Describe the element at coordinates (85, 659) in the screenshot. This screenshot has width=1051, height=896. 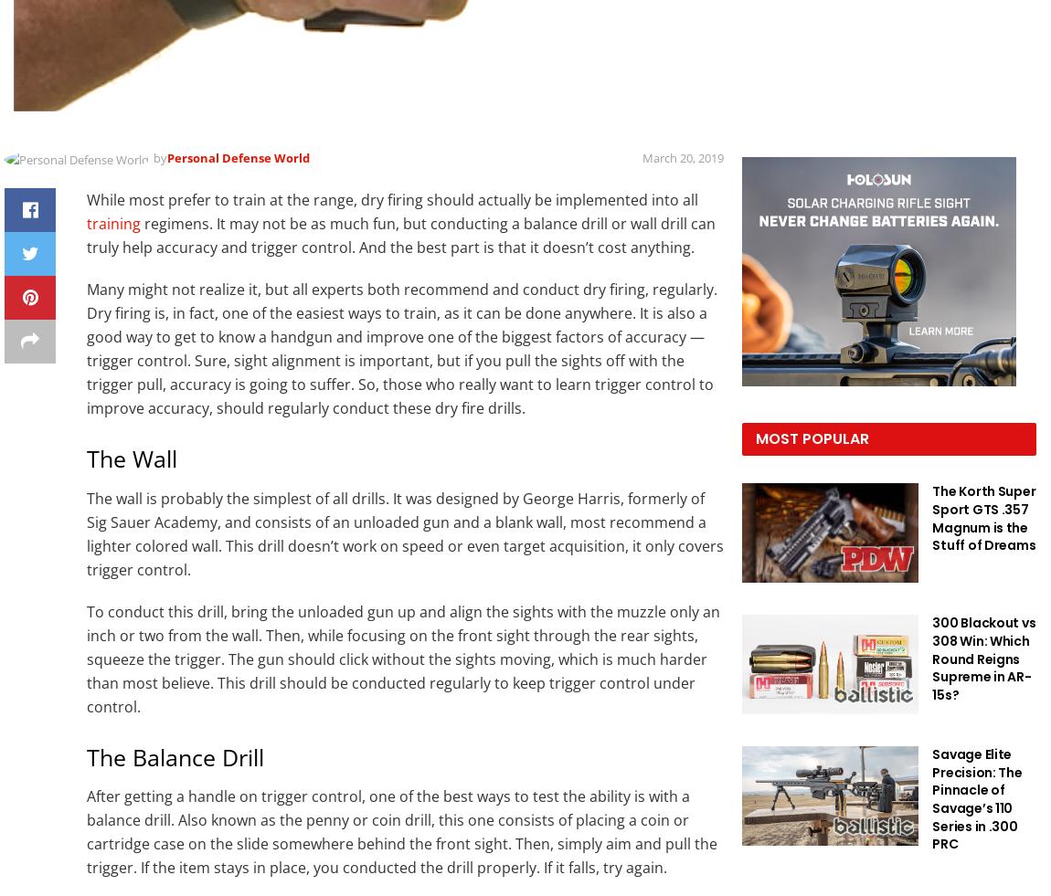
I see `'To conduct this drill, bring the unloaded gun up and align the sights with the muzzle only an inch or two from the wall. Then, while focusing on the front sight through the rear sights, squeeze the trigger. The gun should click without the sights moving, which is much harder than most believe. This drill should be conducted regularly to keep trigger control under control.'` at that location.